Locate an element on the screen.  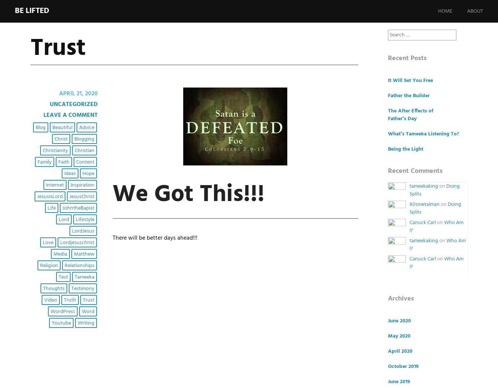
'JesusChrist' is located at coordinates (81, 196).